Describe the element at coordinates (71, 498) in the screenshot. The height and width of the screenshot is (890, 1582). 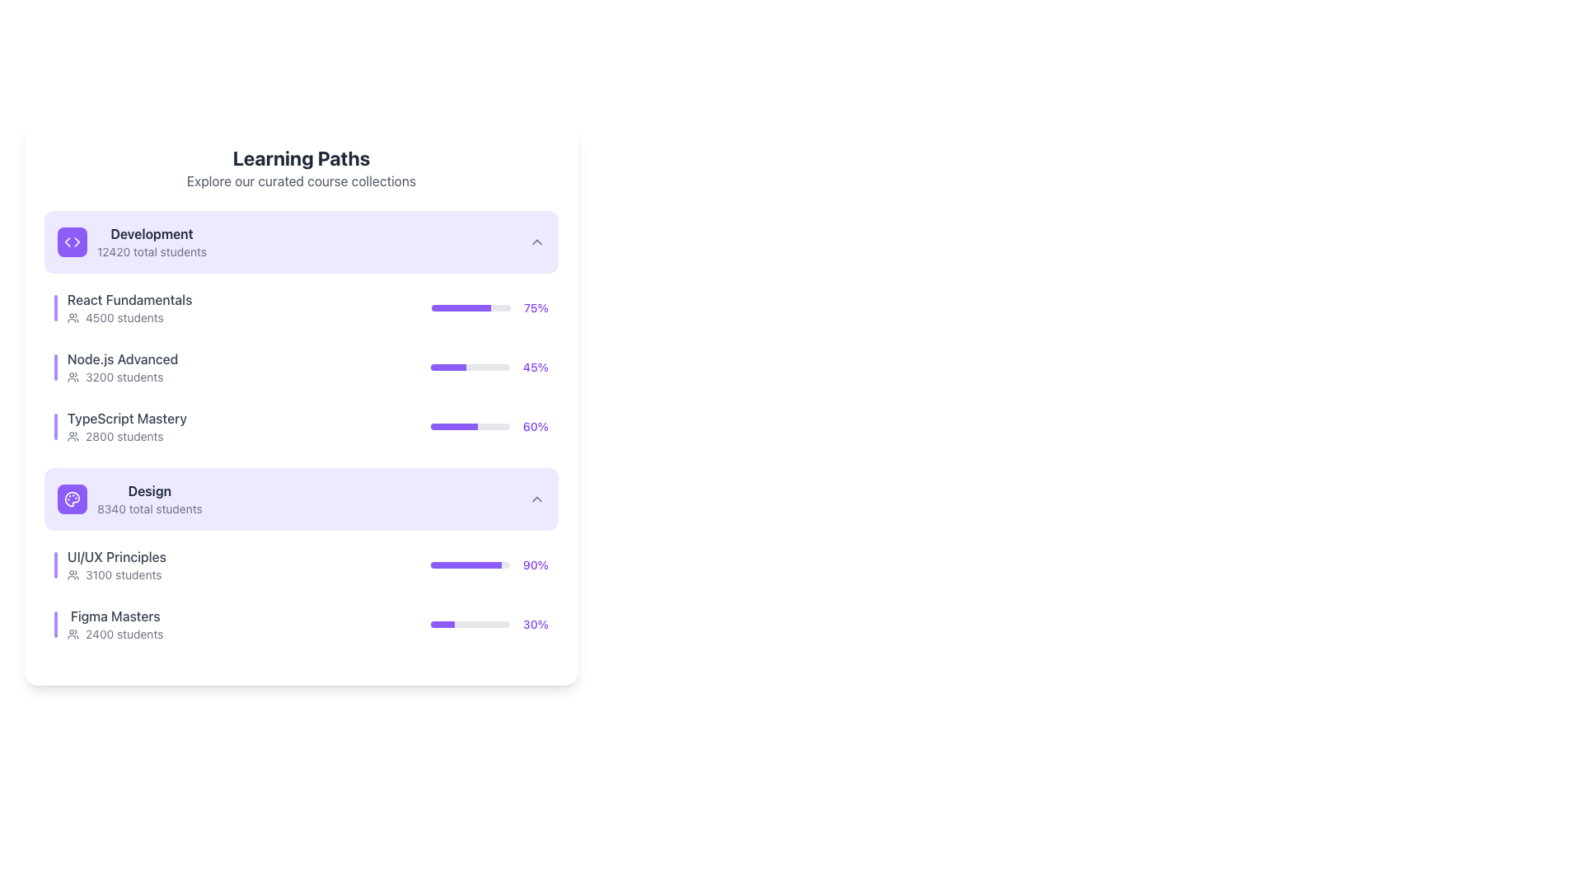
I see `the palette icon located in the 'Design' section, which has a circular shape with small circles inside, positioned to the left of the 'Design' title` at that location.